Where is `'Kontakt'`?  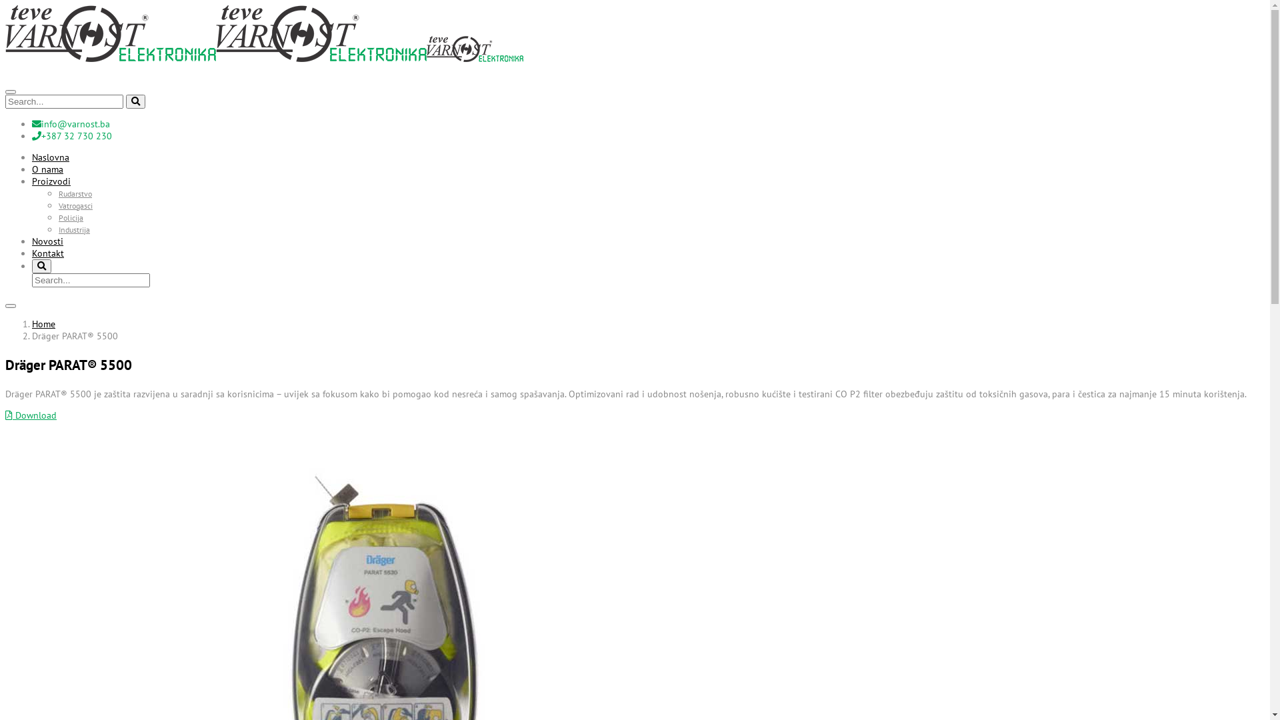 'Kontakt' is located at coordinates (32, 252).